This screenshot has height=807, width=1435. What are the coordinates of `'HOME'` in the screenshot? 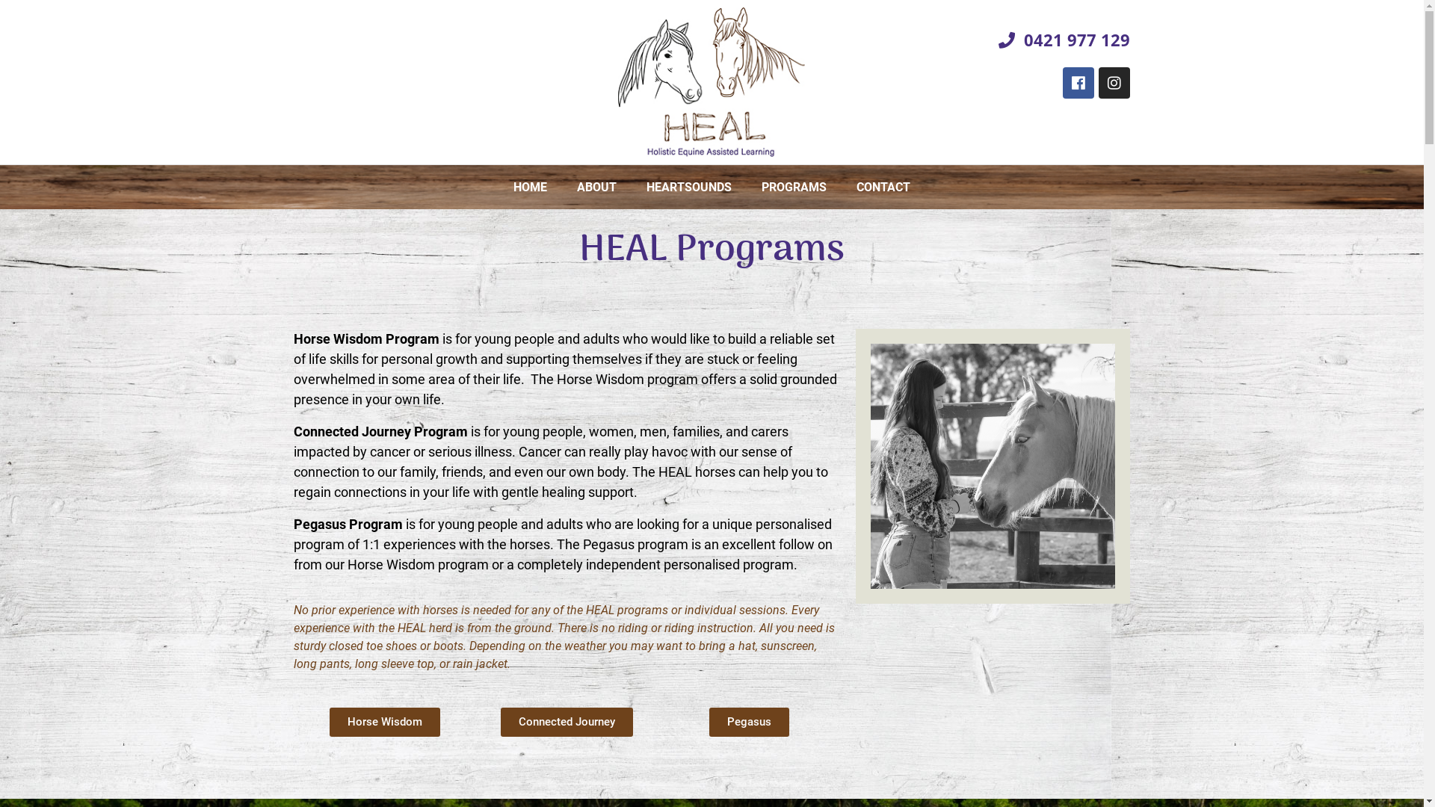 It's located at (499, 186).